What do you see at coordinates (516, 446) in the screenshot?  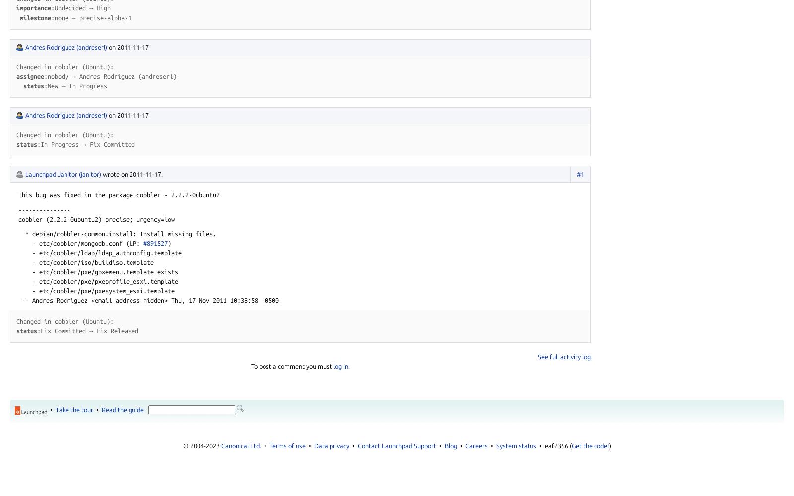 I see `'System status'` at bounding box center [516, 446].